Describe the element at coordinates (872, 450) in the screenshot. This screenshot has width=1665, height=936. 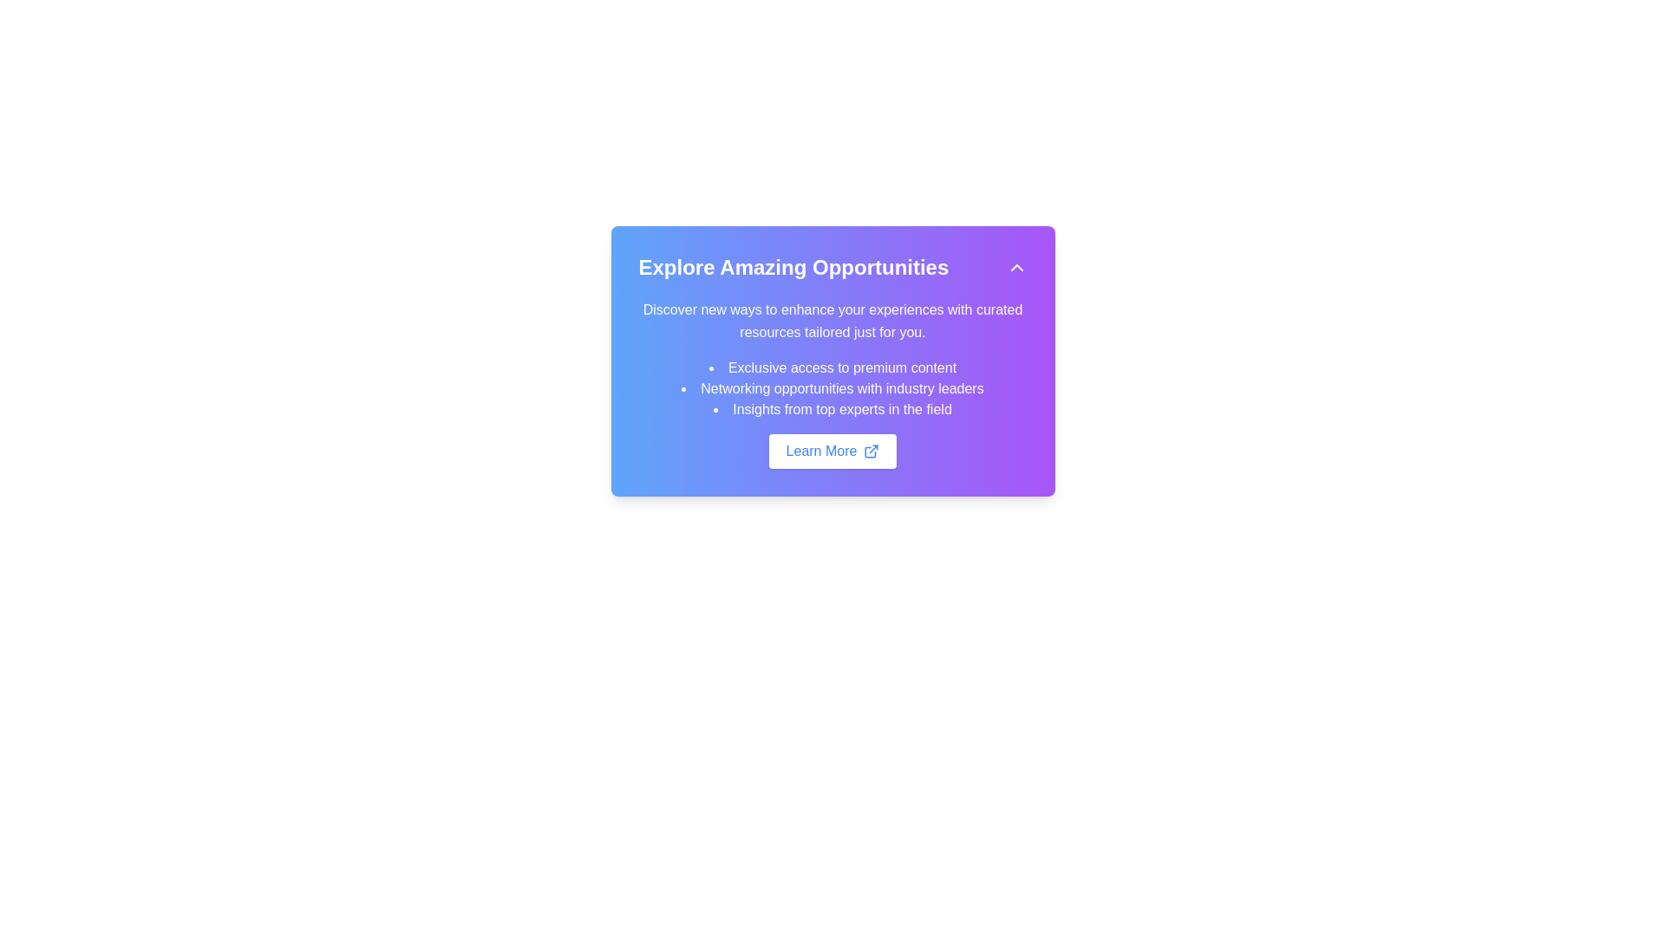
I see `the external link icon located within the 'Learn More' button at the center-bottom of the card` at that location.